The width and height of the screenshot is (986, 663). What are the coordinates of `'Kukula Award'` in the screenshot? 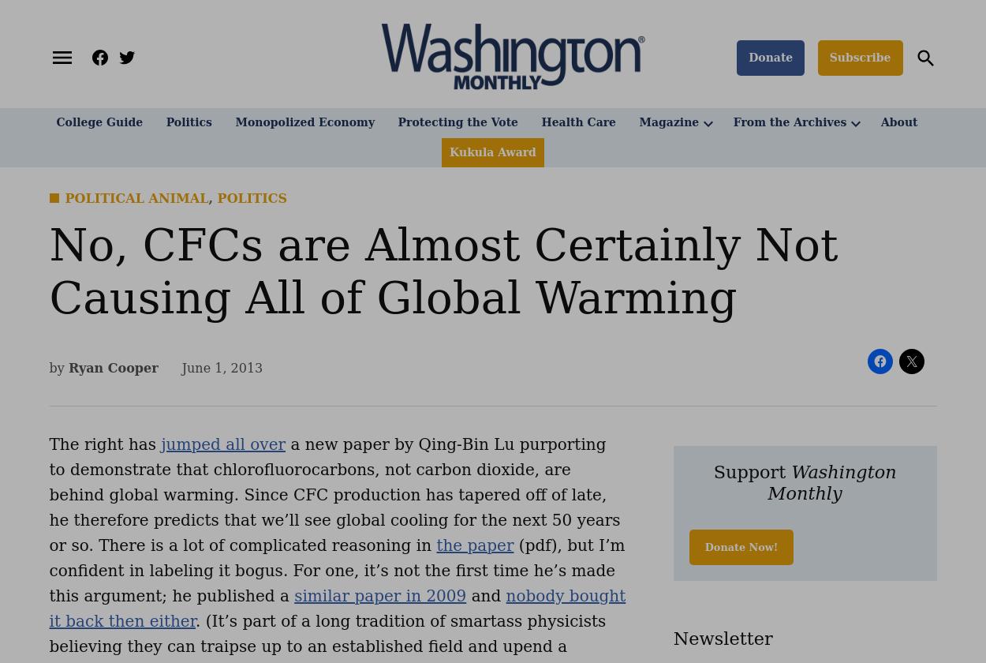 It's located at (491, 152).